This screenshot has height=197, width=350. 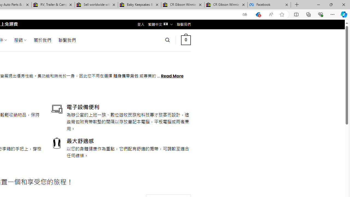 I want to click on 'Read aloud this page (Ctrl+Shift+U)', so click(x=271, y=14).